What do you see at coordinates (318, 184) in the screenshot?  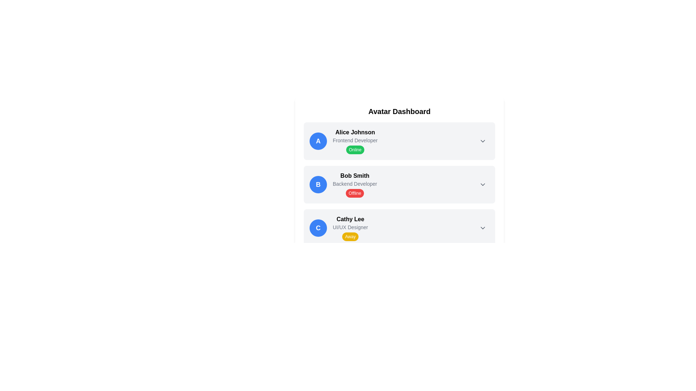 I see `the Badge or Avatar representing the 'Bob Smith' profile` at bounding box center [318, 184].